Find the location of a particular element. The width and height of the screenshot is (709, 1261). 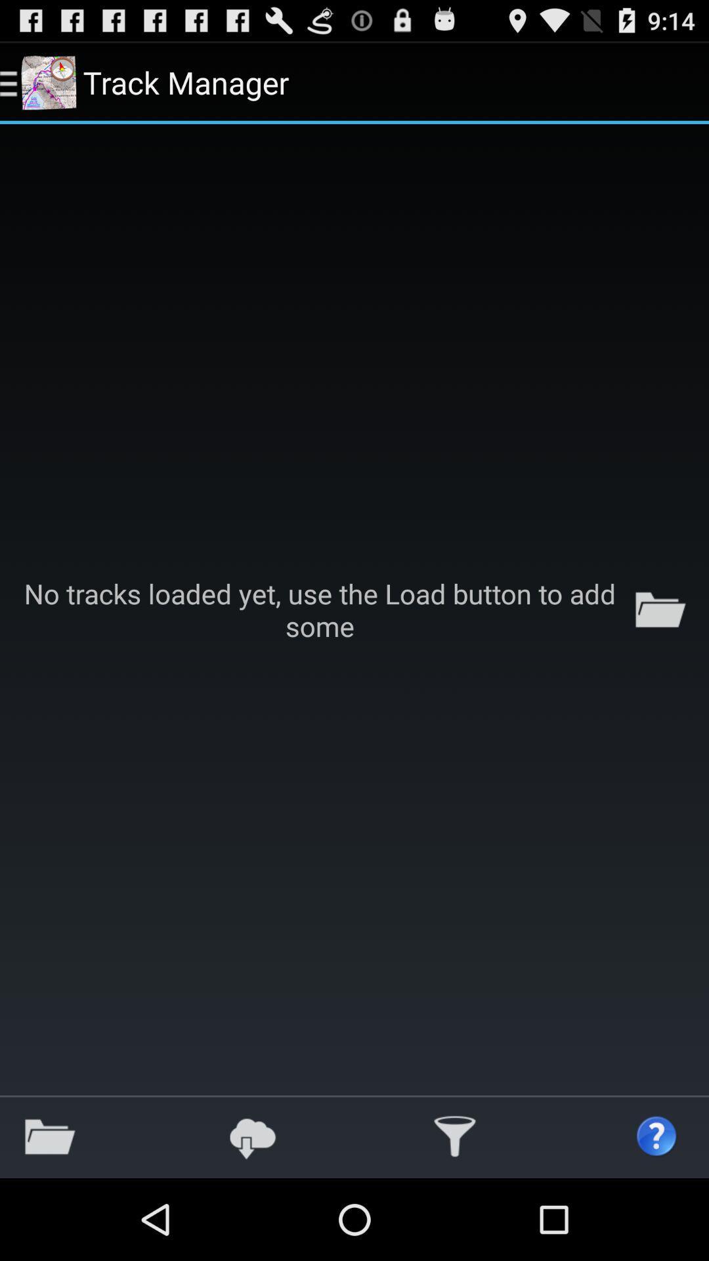

the item at the bottom right corner is located at coordinates (657, 1136).